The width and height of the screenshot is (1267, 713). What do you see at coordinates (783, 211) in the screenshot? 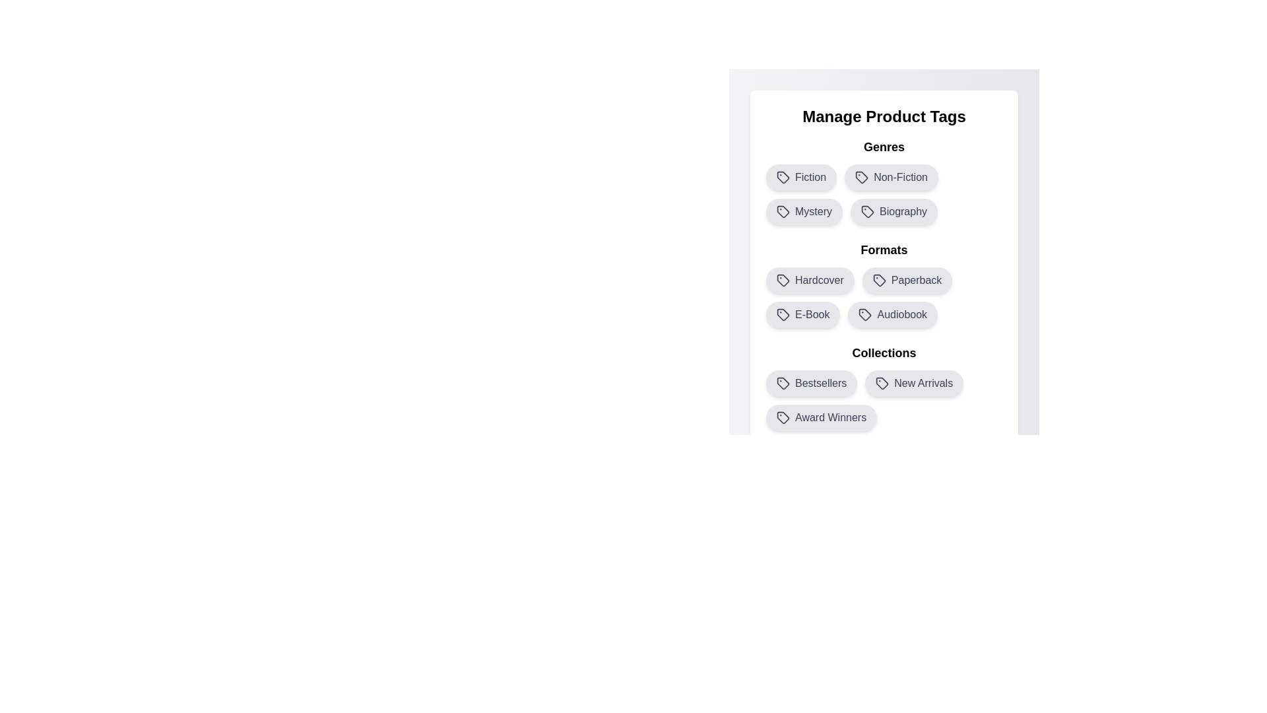
I see `the graphical icon indicating the 'Mystery' genre located in the second row of the 'Genres' section beneath the 'Manage Product Tags' heading` at bounding box center [783, 211].